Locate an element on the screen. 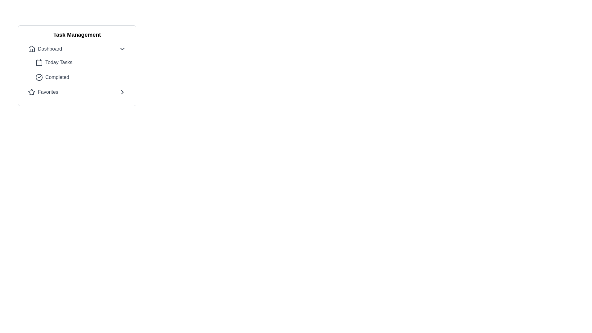  the star icon is located at coordinates (31, 92).